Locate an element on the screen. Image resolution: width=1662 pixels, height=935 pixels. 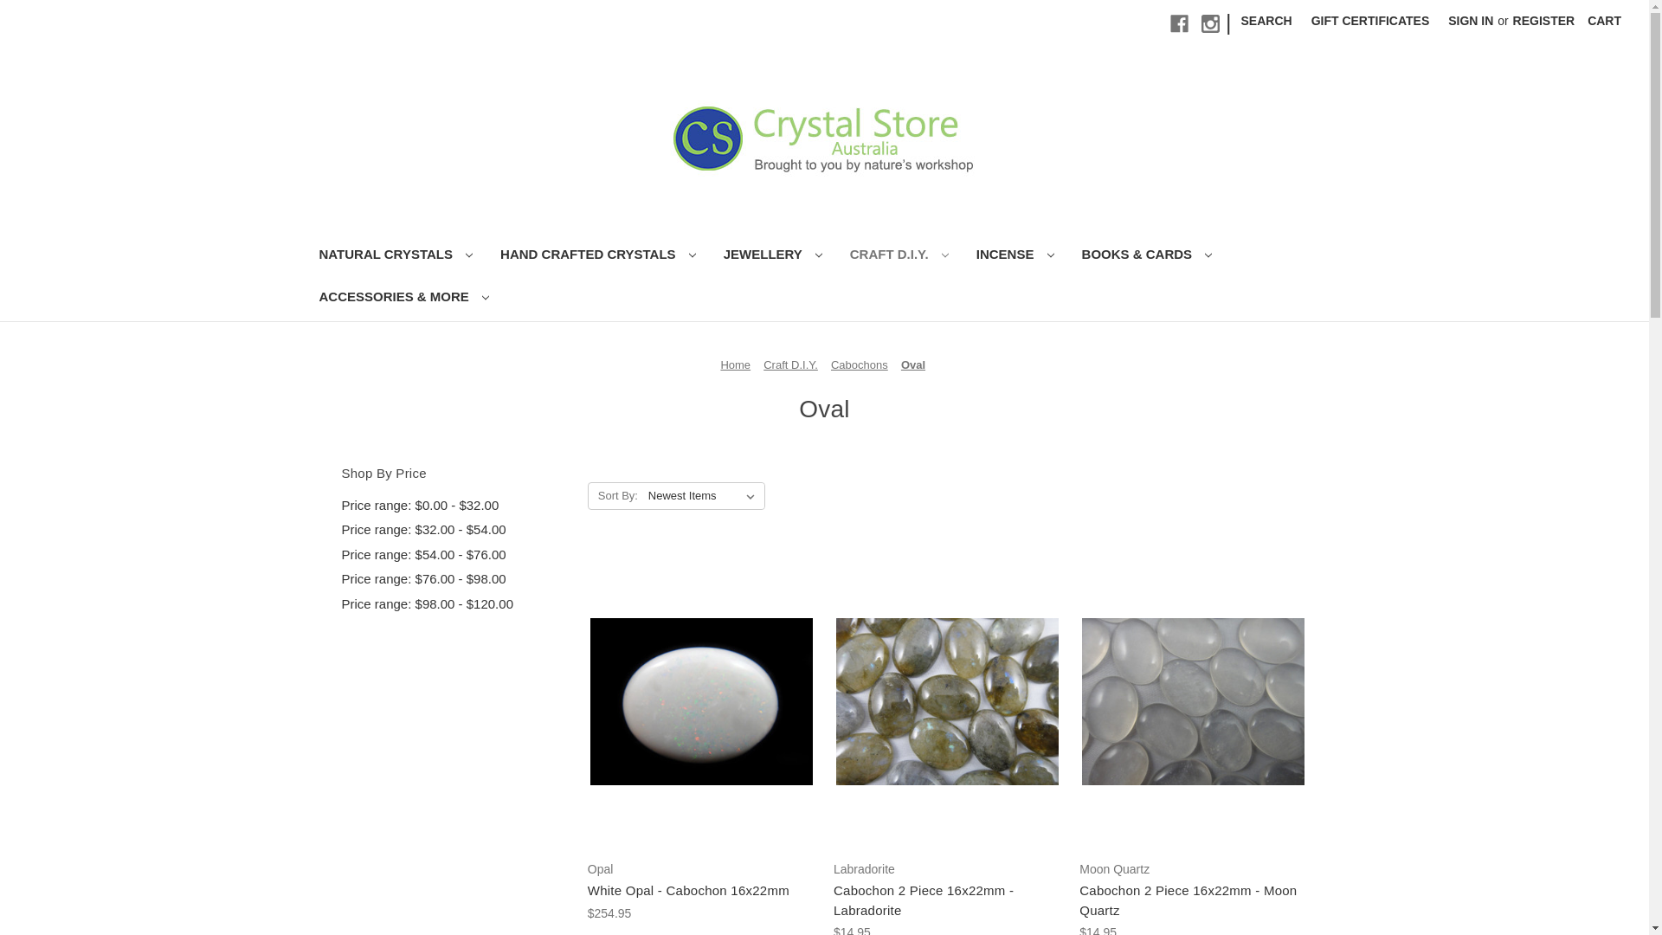
'Price range: $76.00 - $98.00' is located at coordinates (454, 579).